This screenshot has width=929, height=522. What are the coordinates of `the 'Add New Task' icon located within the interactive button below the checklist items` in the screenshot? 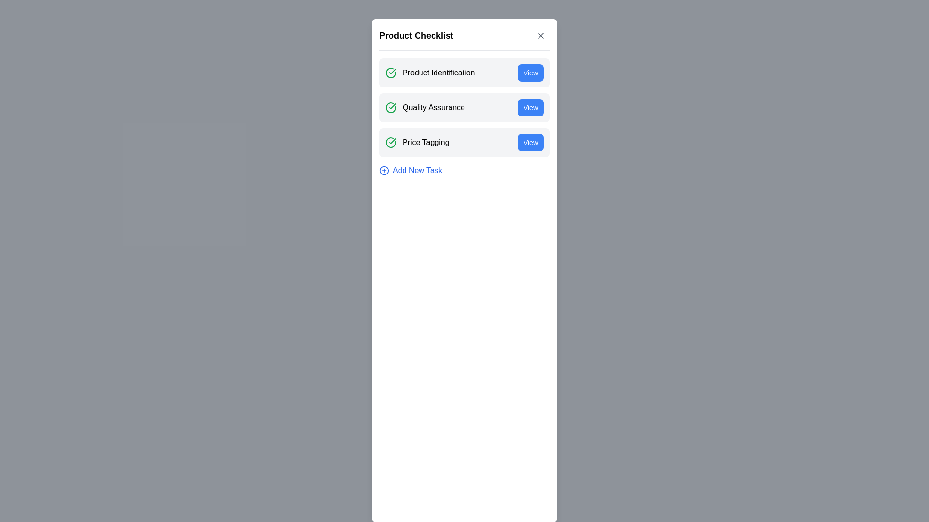 It's located at (383, 170).